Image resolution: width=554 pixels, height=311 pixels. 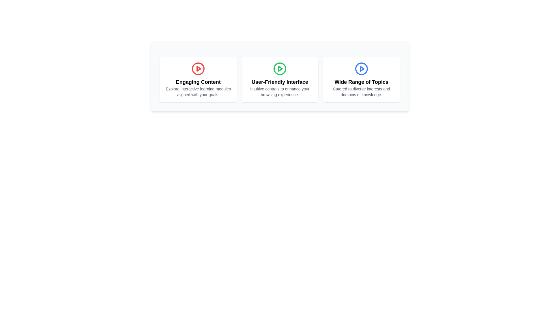 I want to click on the Circle graphic that symbolizes an action like playing content, located within the 'Engaging Content' card, so click(x=198, y=69).